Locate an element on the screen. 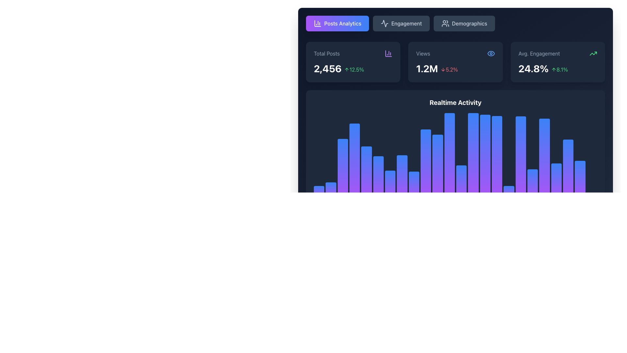 The height and width of the screenshot is (353, 627). the numeric percentage value '5.2%' with a downward arrow icon in red, indicating a negative trend, located in the second box from the left in the top row of the dashboard is located at coordinates (449, 69).